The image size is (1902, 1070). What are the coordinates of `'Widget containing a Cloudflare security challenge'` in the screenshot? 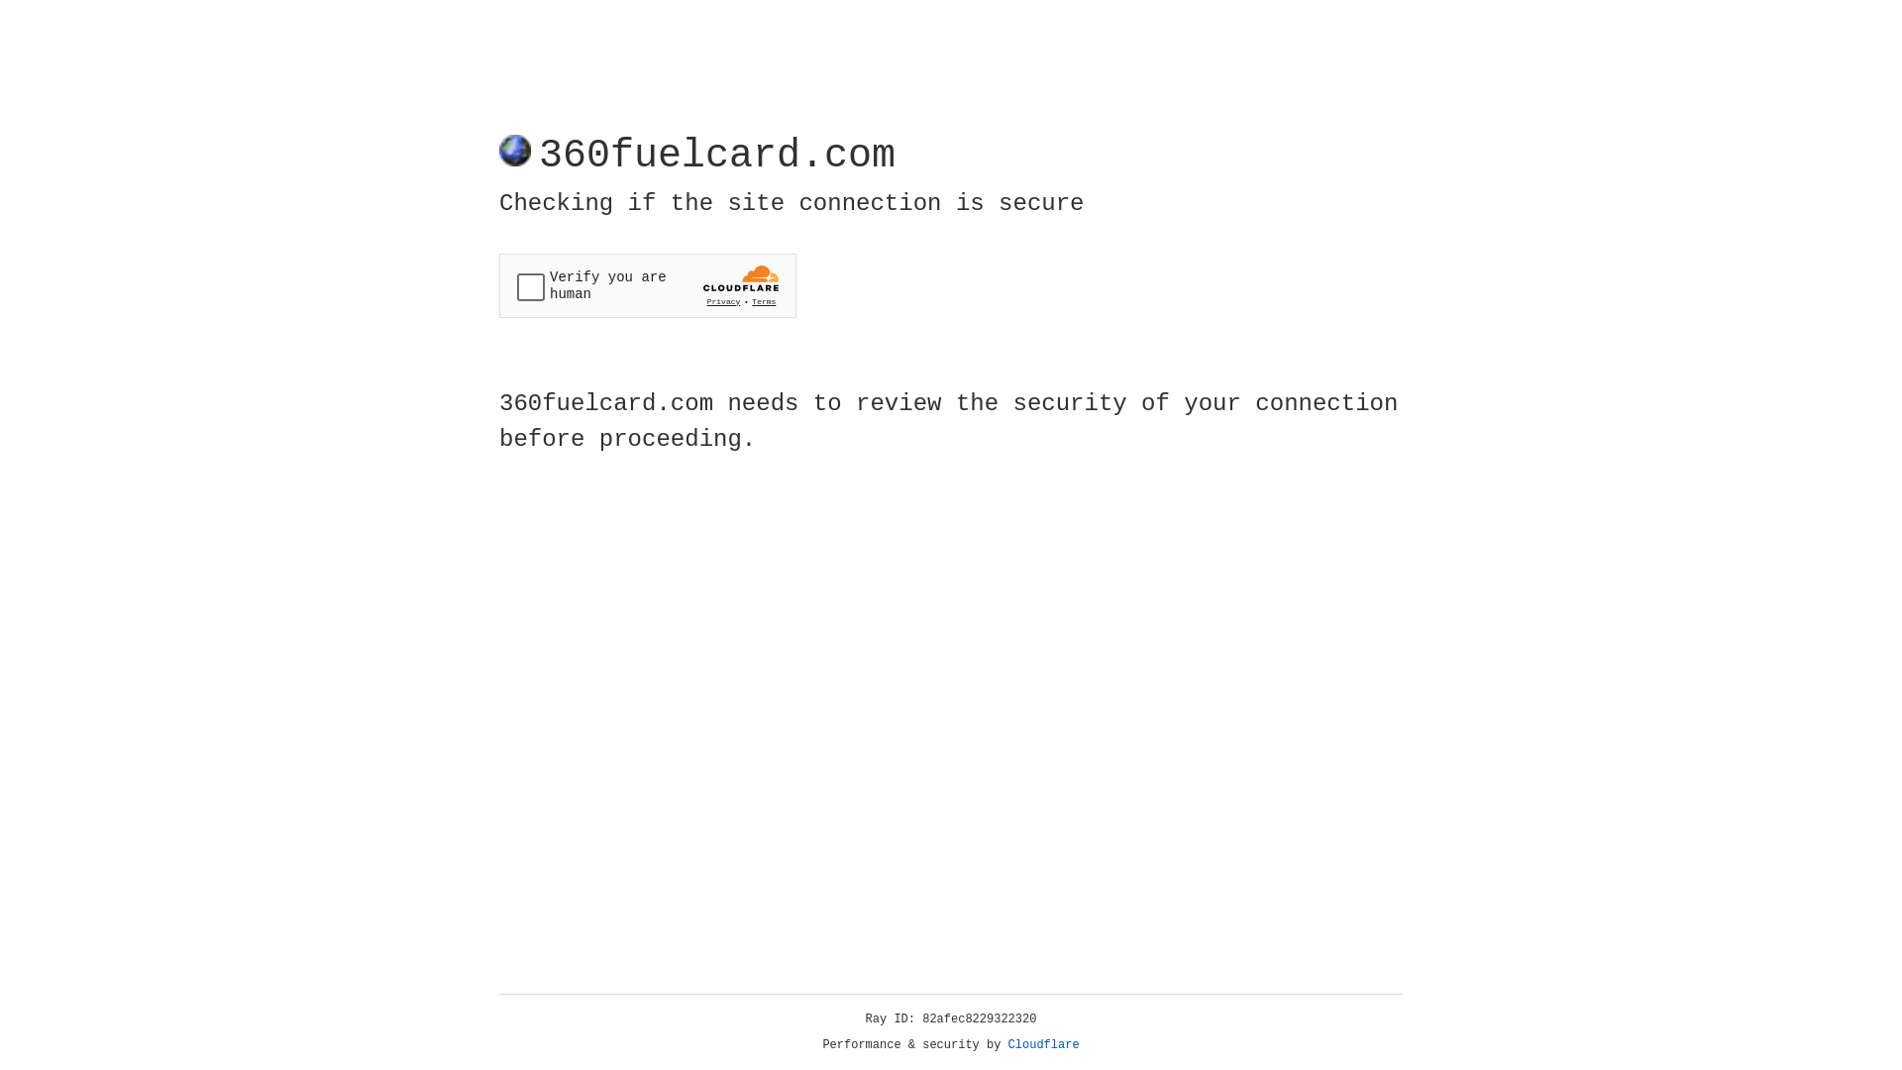 It's located at (647, 285).